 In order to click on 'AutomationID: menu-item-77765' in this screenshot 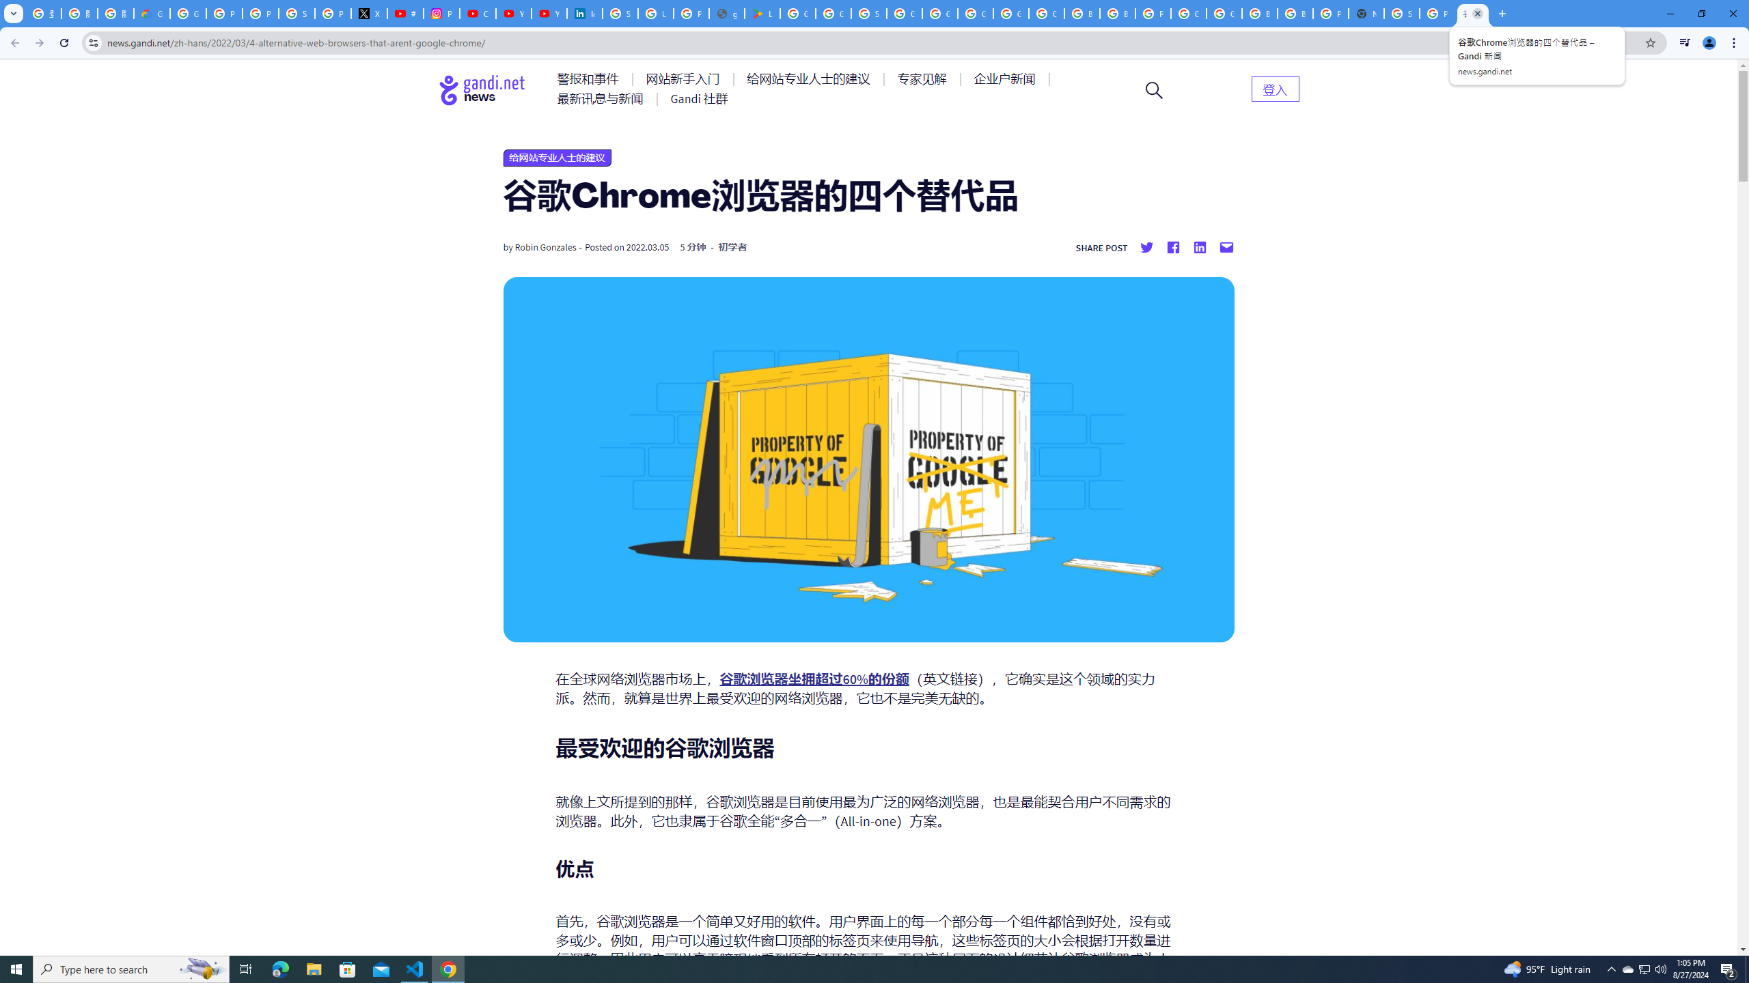, I will do `click(1006, 78)`.